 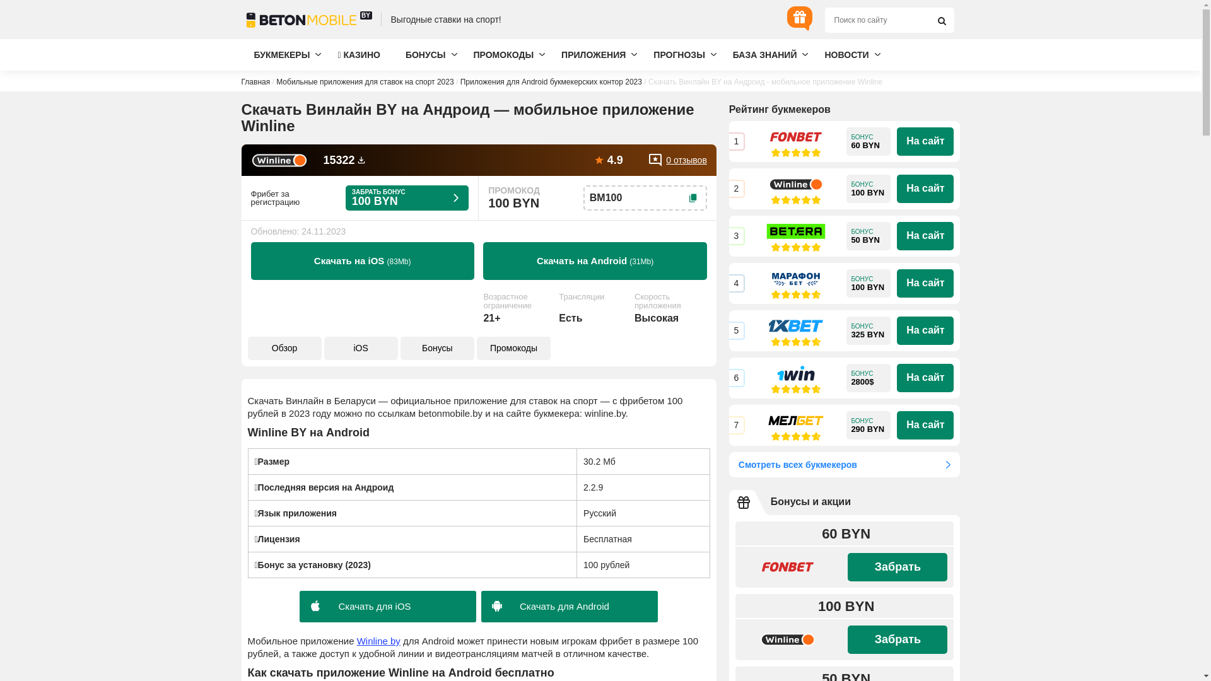 What do you see at coordinates (645, 197) in the screenshot?
I see `'BM100'` at bounding box center [645, 197].